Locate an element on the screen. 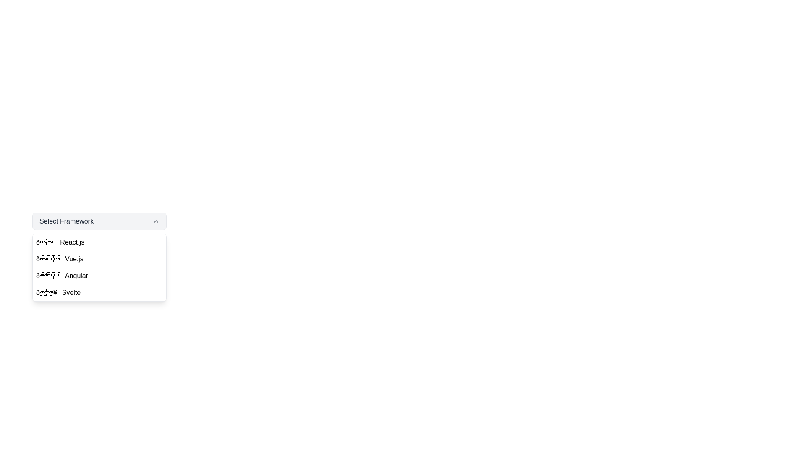 The image size is (806, 453). the 'Angular' framework option text label within the selectable list is located at coordinates (76, 276).